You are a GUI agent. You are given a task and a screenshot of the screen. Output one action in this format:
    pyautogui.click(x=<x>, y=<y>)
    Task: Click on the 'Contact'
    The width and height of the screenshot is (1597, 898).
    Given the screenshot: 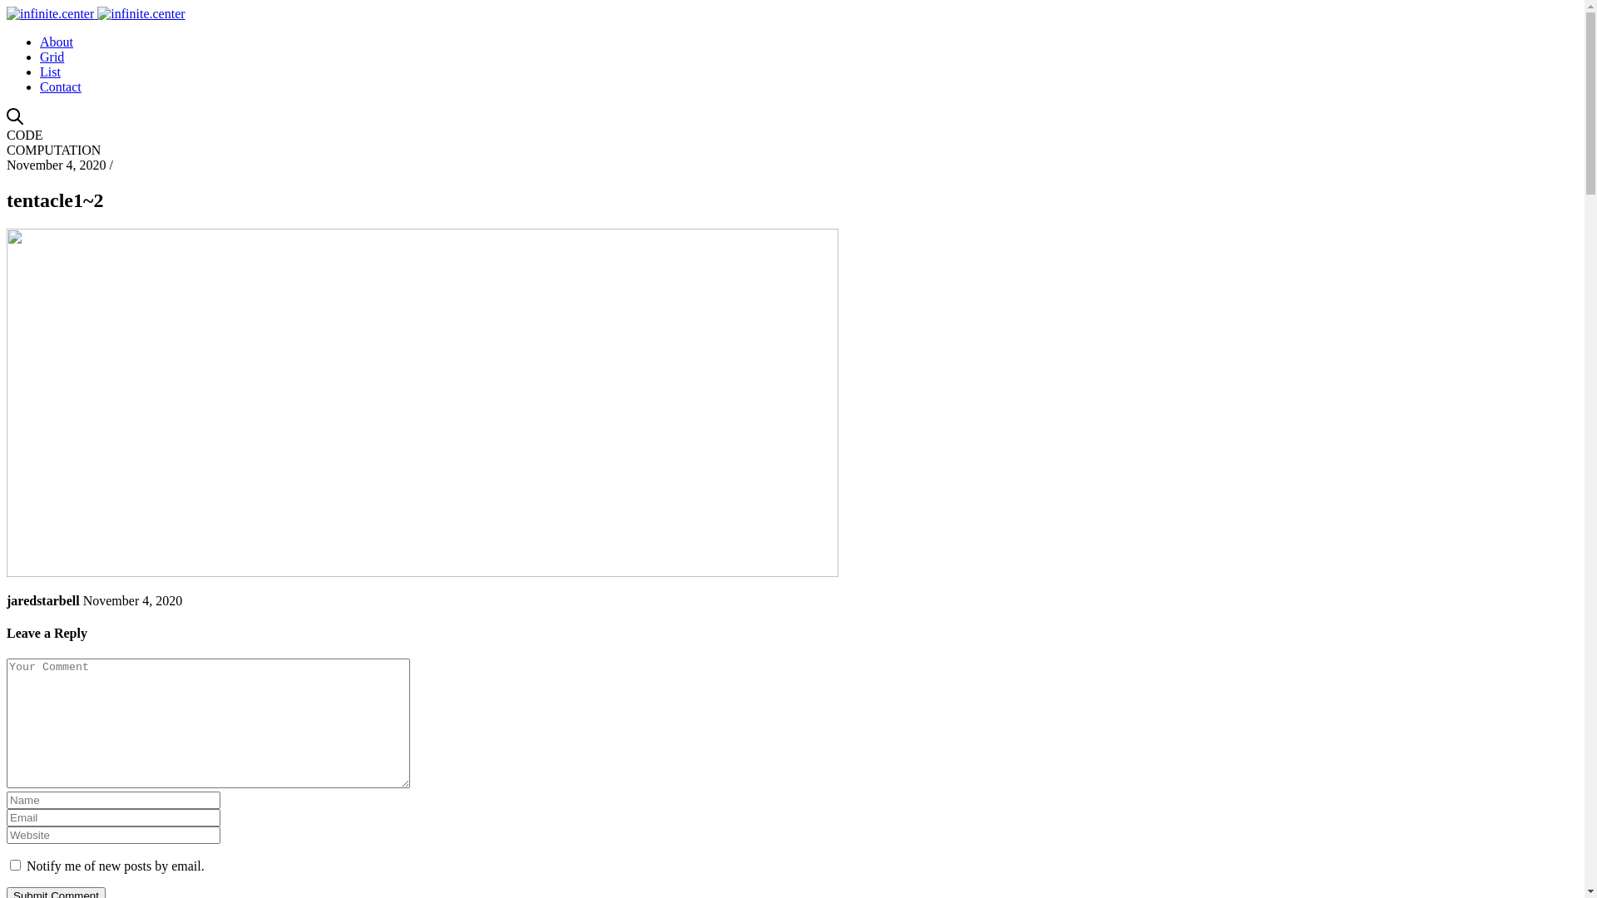 What is the action you would take?
    pyautogui.click(x=60, y=86)
    